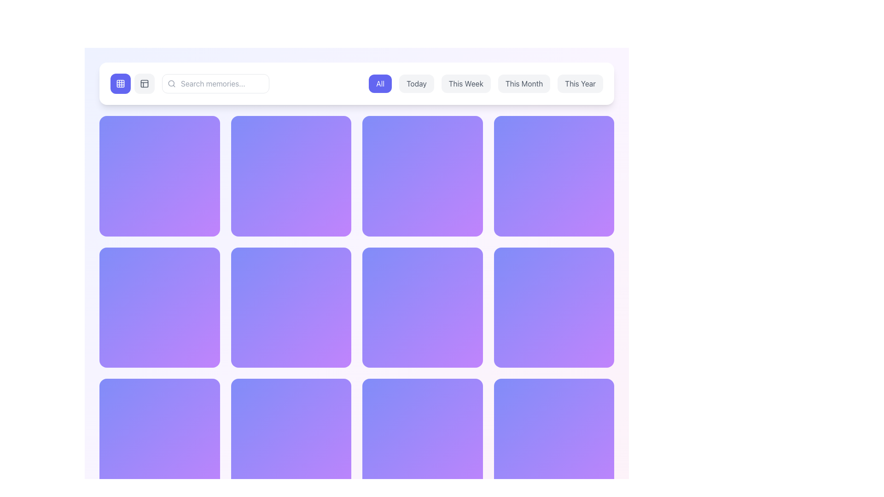 The image size is (884, 497). What do you see at coordinates (524, 83) in the screenshot?
I see `the 'This Month' button, which is the fourth button in a row of filters, to apply the filter` at bounding box center [524, 83].